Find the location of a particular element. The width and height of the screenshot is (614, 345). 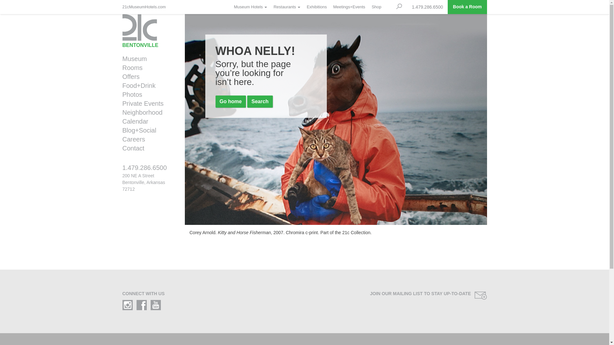

'Contact' is located at coordinates (146, 148).